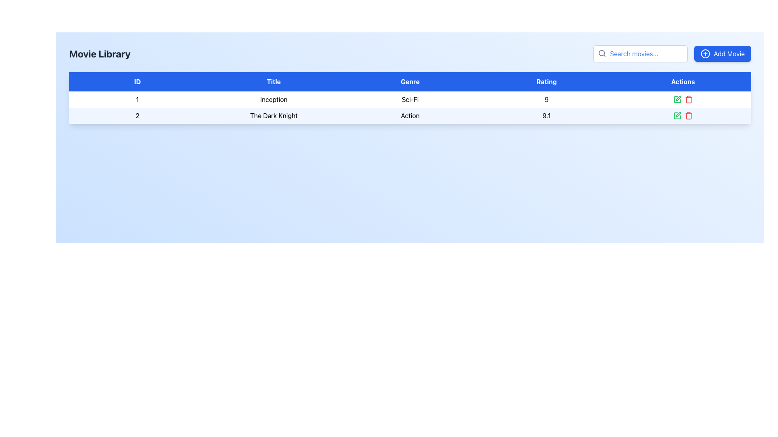 The image size is (778, 437). Describe the element at coordinates (274, 115) in the screenshot. I see `the text label representing the title of a movie located in the second row of a table under the 'Title' column` at that location.